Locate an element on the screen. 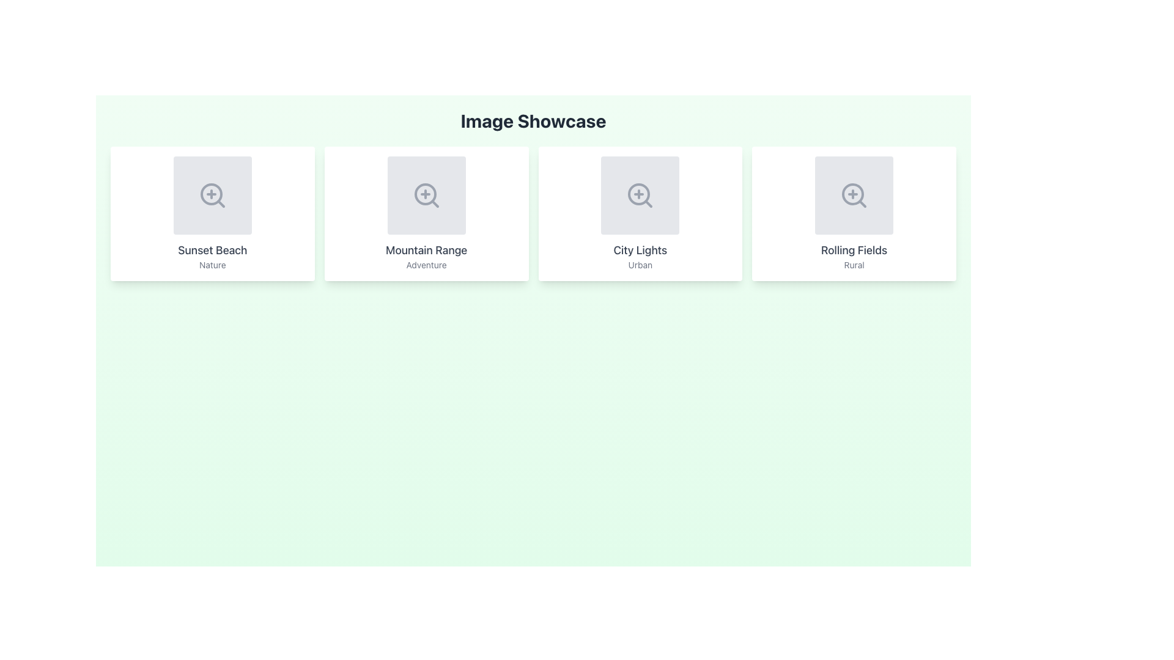  the 'Nature' text label located below the 'Sunset Beach' title within the 'Sunset Beach' card, which is the leftmost card in the grid layout is located at coordinates (212, 265).